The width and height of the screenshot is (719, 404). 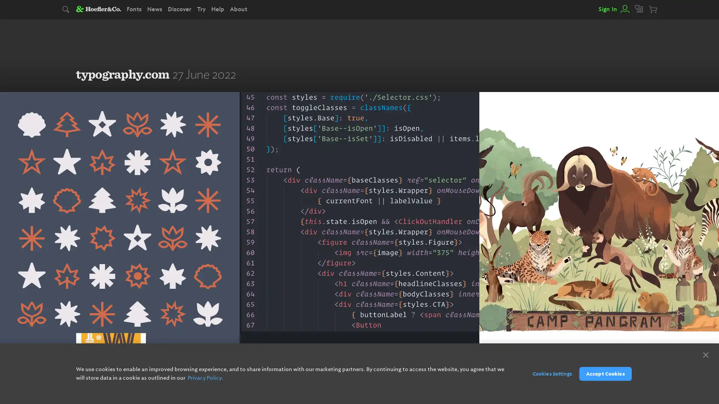 What do you see at coordinates (66, 10) in the screenshot?
I see `Search typography.com` at bounding box center [66, 10].